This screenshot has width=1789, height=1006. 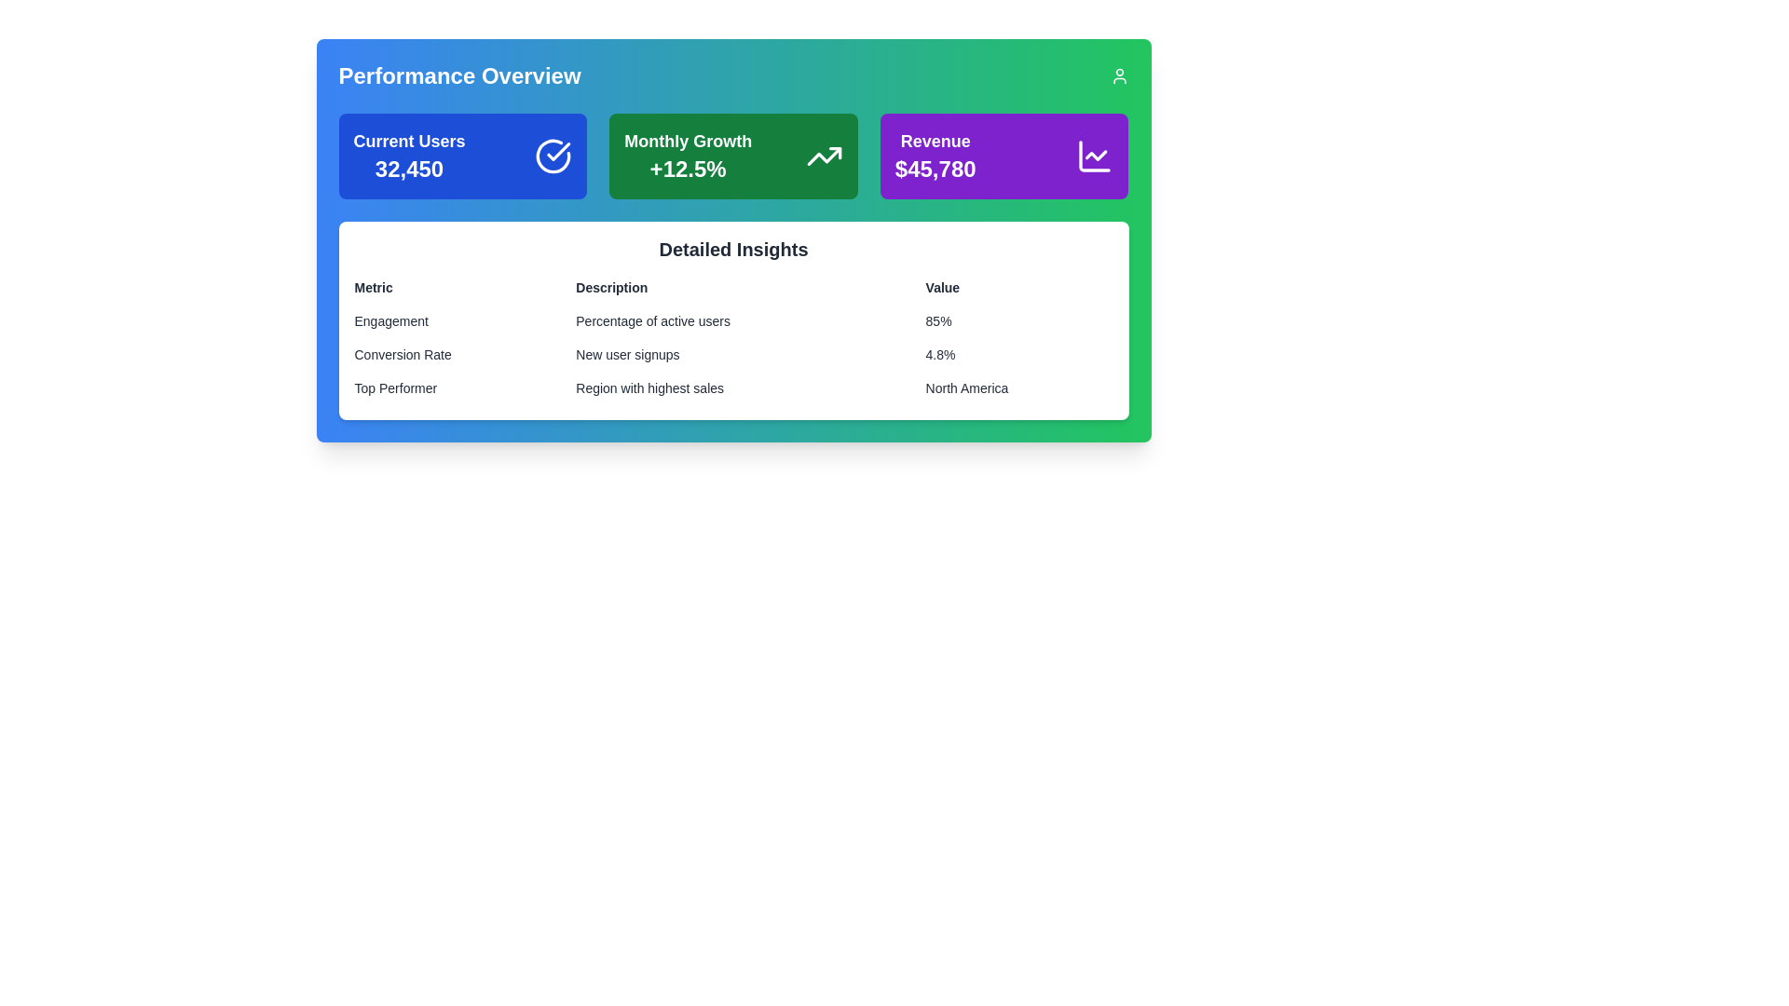 What do you see at coordinates (834, 152) in the screenshot?
I see `the small triangular graphic element that is part of the 'Monthly Growth' icon on the dashboard, located at the top-right part of the arrow graphic within the green card` at bounding box center [834, 152].